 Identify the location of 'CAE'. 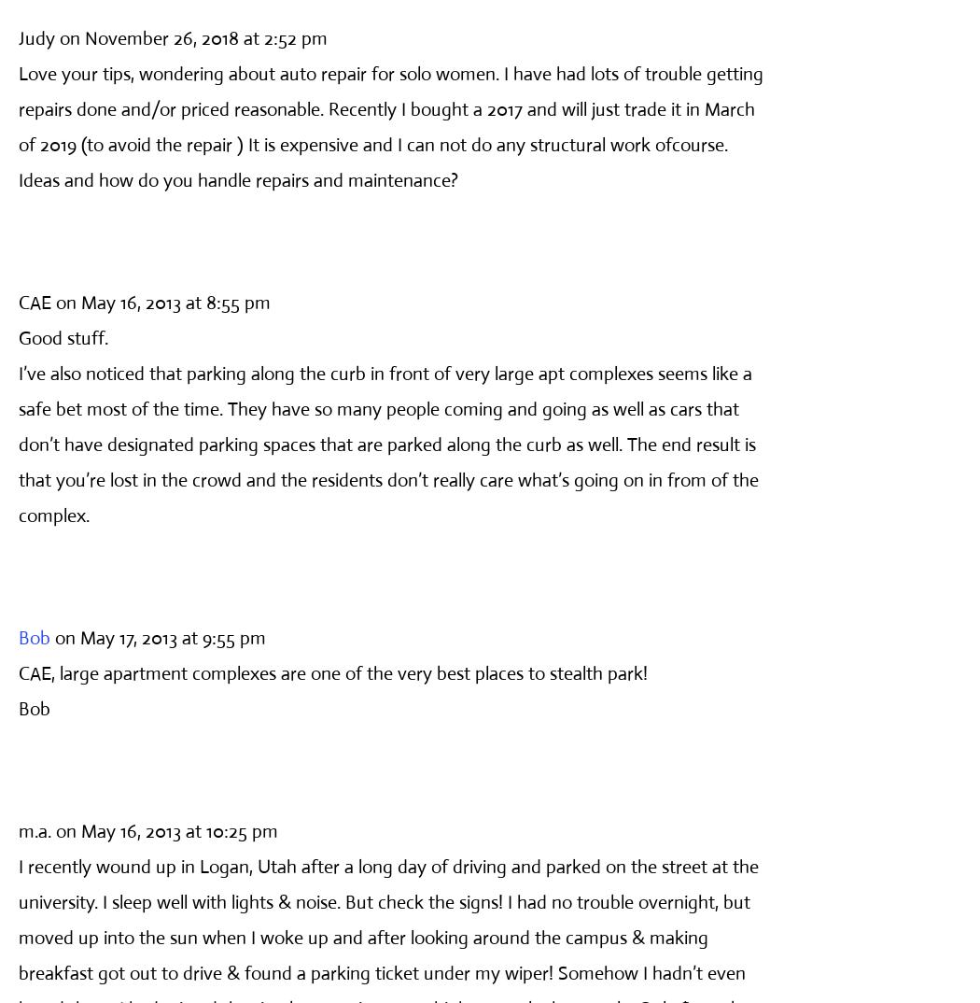
(35, 301).